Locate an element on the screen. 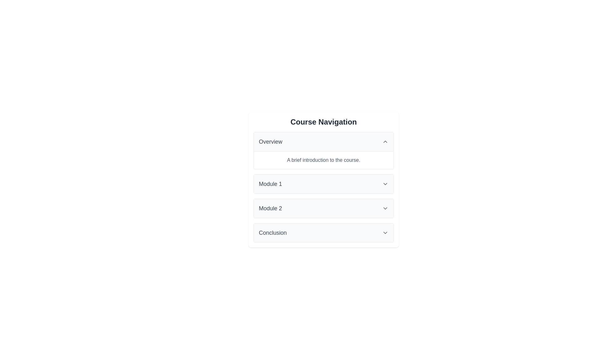 This screenshot has height=338, width=601. the 'Module 2' dropdown button with a light gray background is located at coordinates (323, 208).